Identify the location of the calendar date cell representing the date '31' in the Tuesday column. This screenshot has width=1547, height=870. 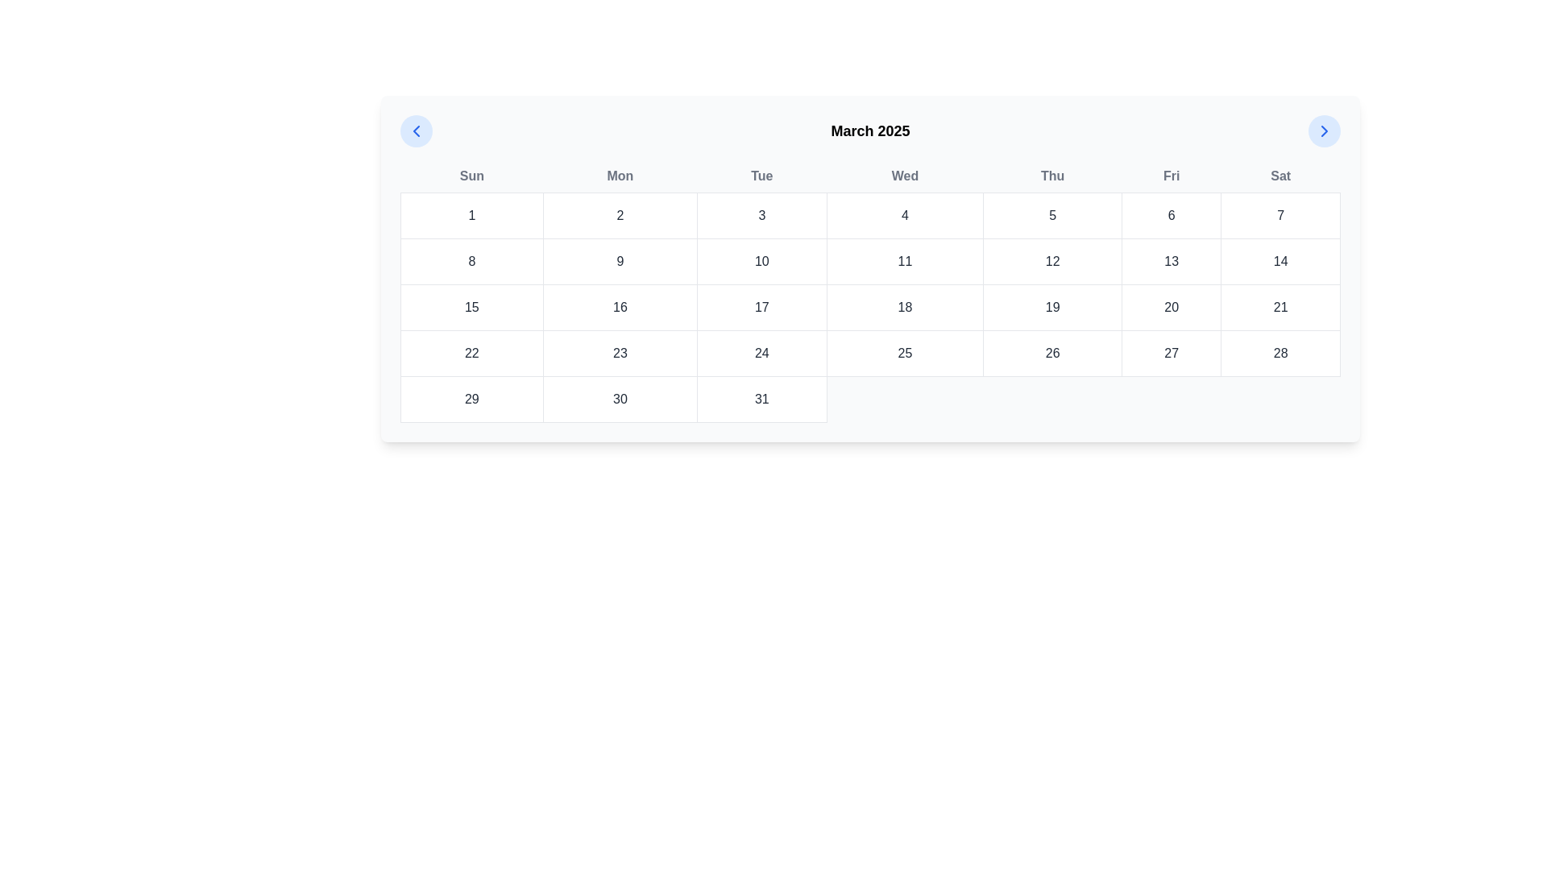
(761, 399).